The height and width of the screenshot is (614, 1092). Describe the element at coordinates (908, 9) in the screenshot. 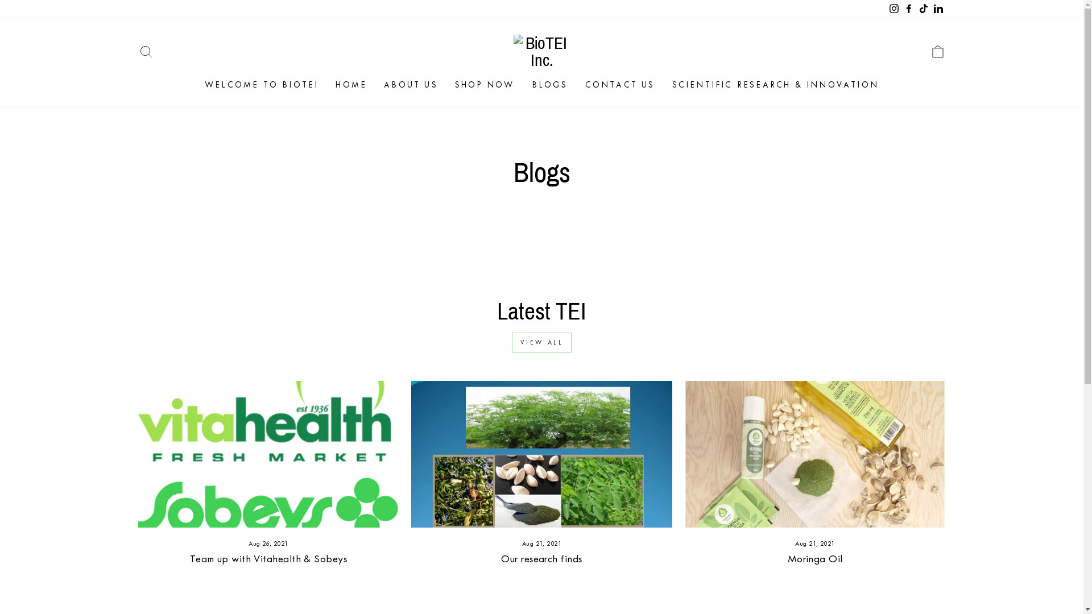

I see `'Facebook'` at that location.